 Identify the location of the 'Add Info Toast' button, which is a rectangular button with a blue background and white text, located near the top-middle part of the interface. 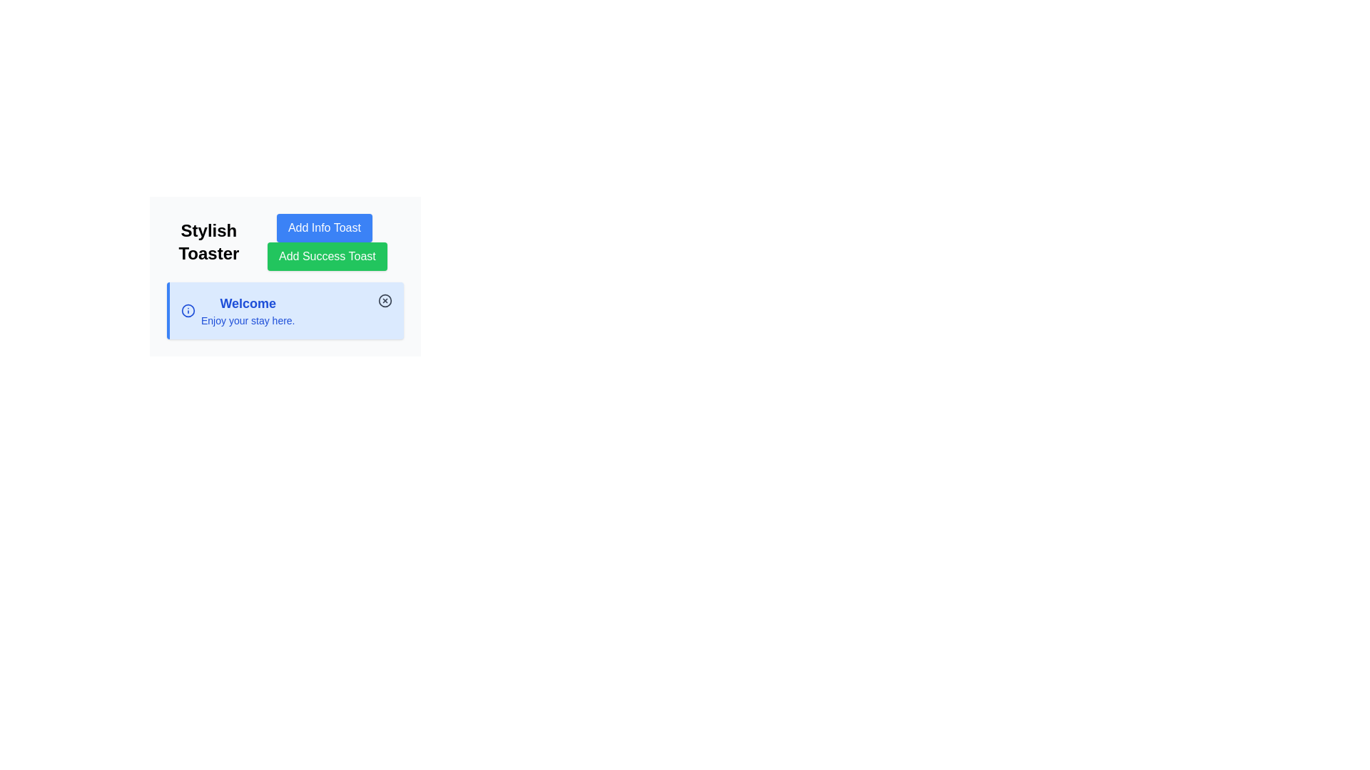
(323, 227).